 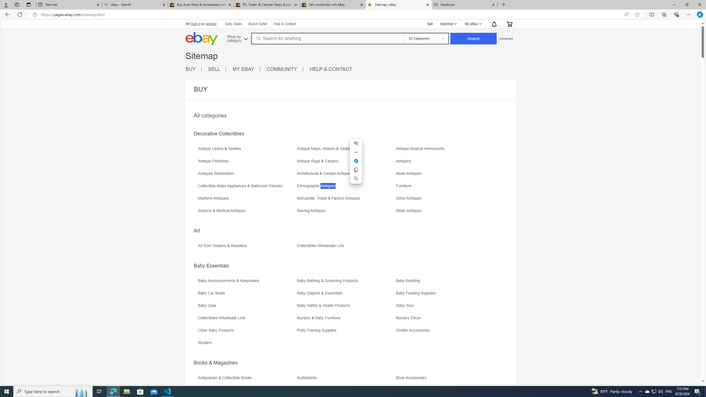 What do you see at coordinates (318, 161) in the screenshot?
I see `'Antique Rugs & Carpets'` at bounding box center [318, 161].